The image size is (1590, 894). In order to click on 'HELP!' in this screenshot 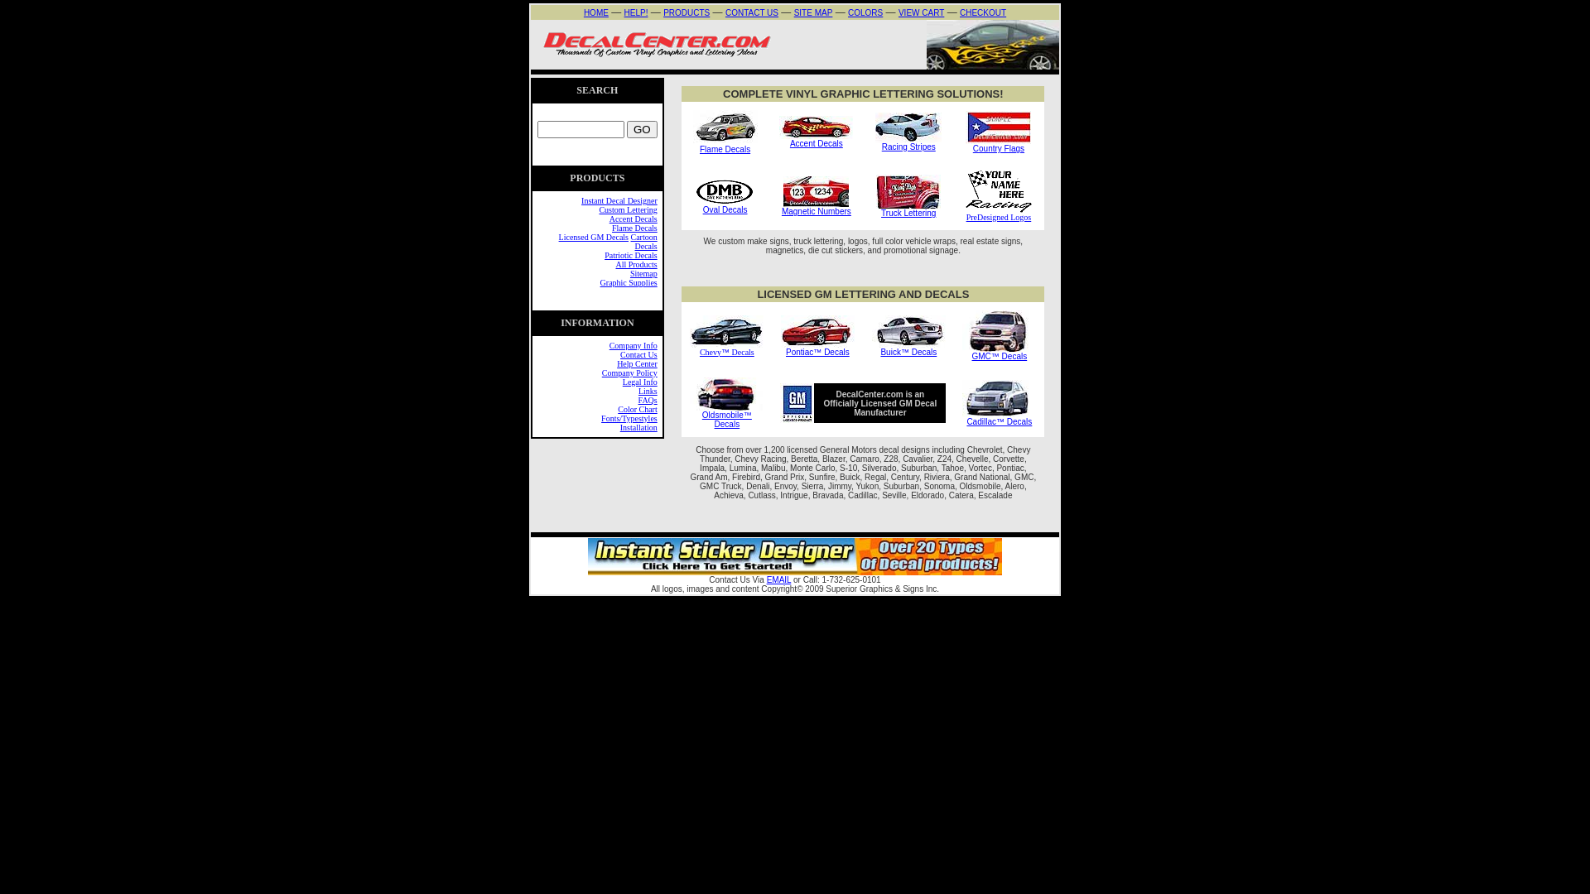, I will do `click(623, 12)`.